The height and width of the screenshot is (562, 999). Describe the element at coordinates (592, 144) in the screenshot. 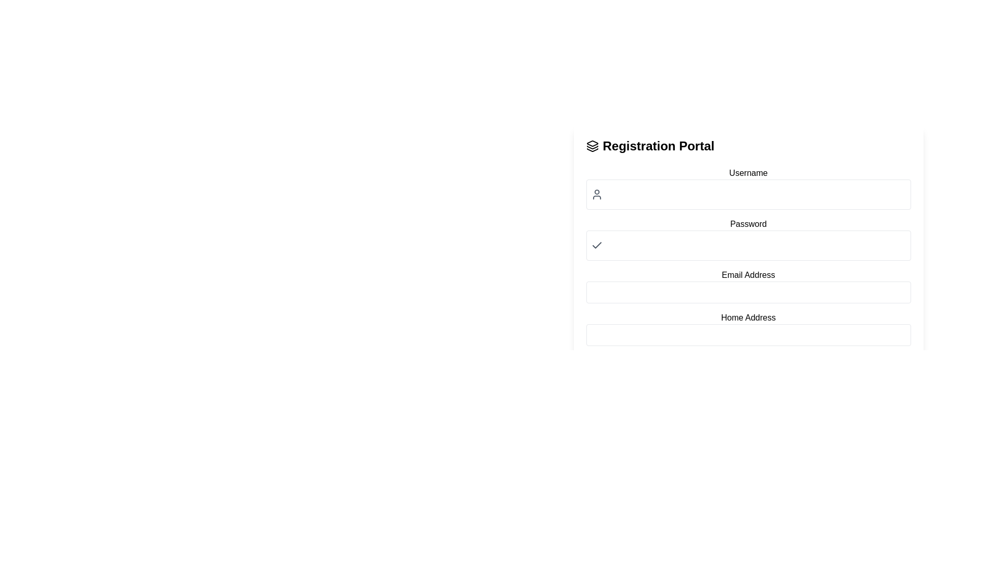

I see `the decorative icon in the top-left corner of the Registration Portal section, which symbolizes layer or group functionality` at that location.